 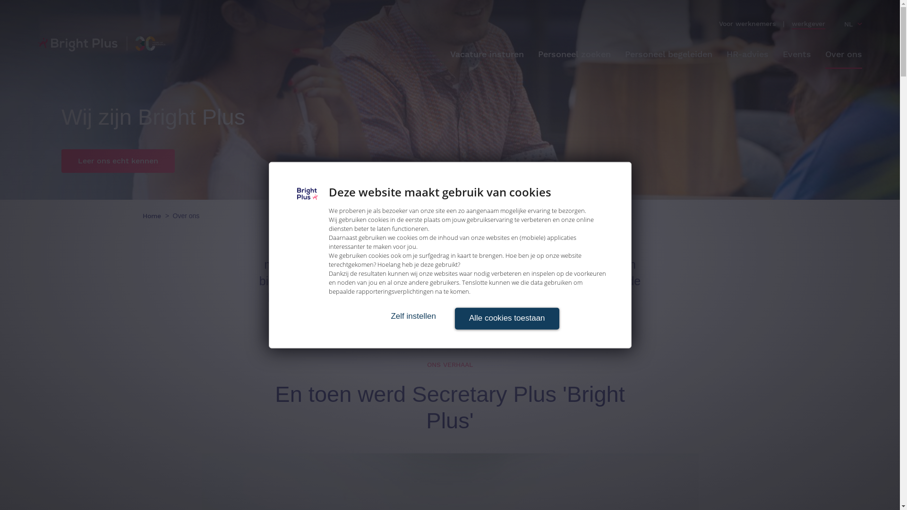 I want to click on 'werknemers', so click(x=755, y=23).